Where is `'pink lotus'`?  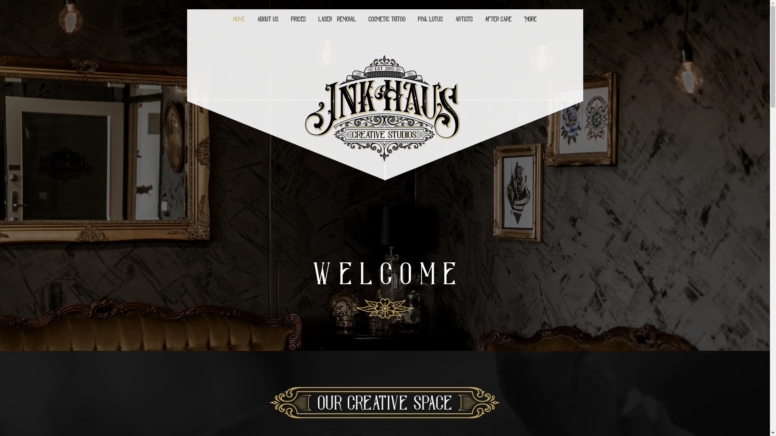 'pink lotus' is located at coordinates (430, 19).